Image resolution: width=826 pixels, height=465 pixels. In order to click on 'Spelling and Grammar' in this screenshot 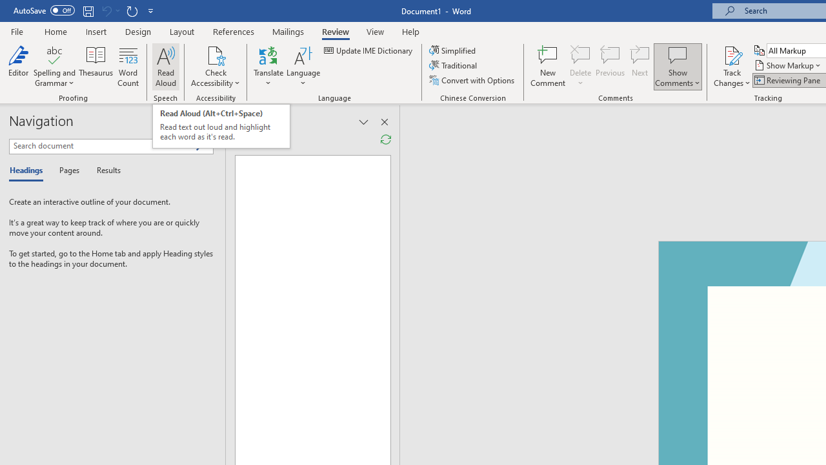, I will do `click(54, 67)`.